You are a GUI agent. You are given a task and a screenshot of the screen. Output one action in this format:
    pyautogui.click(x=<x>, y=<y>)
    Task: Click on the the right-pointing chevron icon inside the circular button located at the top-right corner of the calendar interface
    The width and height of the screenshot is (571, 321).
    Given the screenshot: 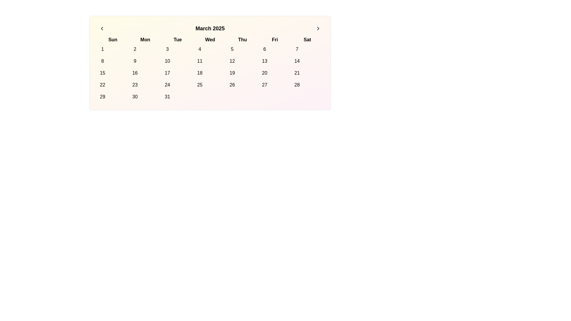 What is the action you would take?
    pyautogui.click(x=318, y=29)
    